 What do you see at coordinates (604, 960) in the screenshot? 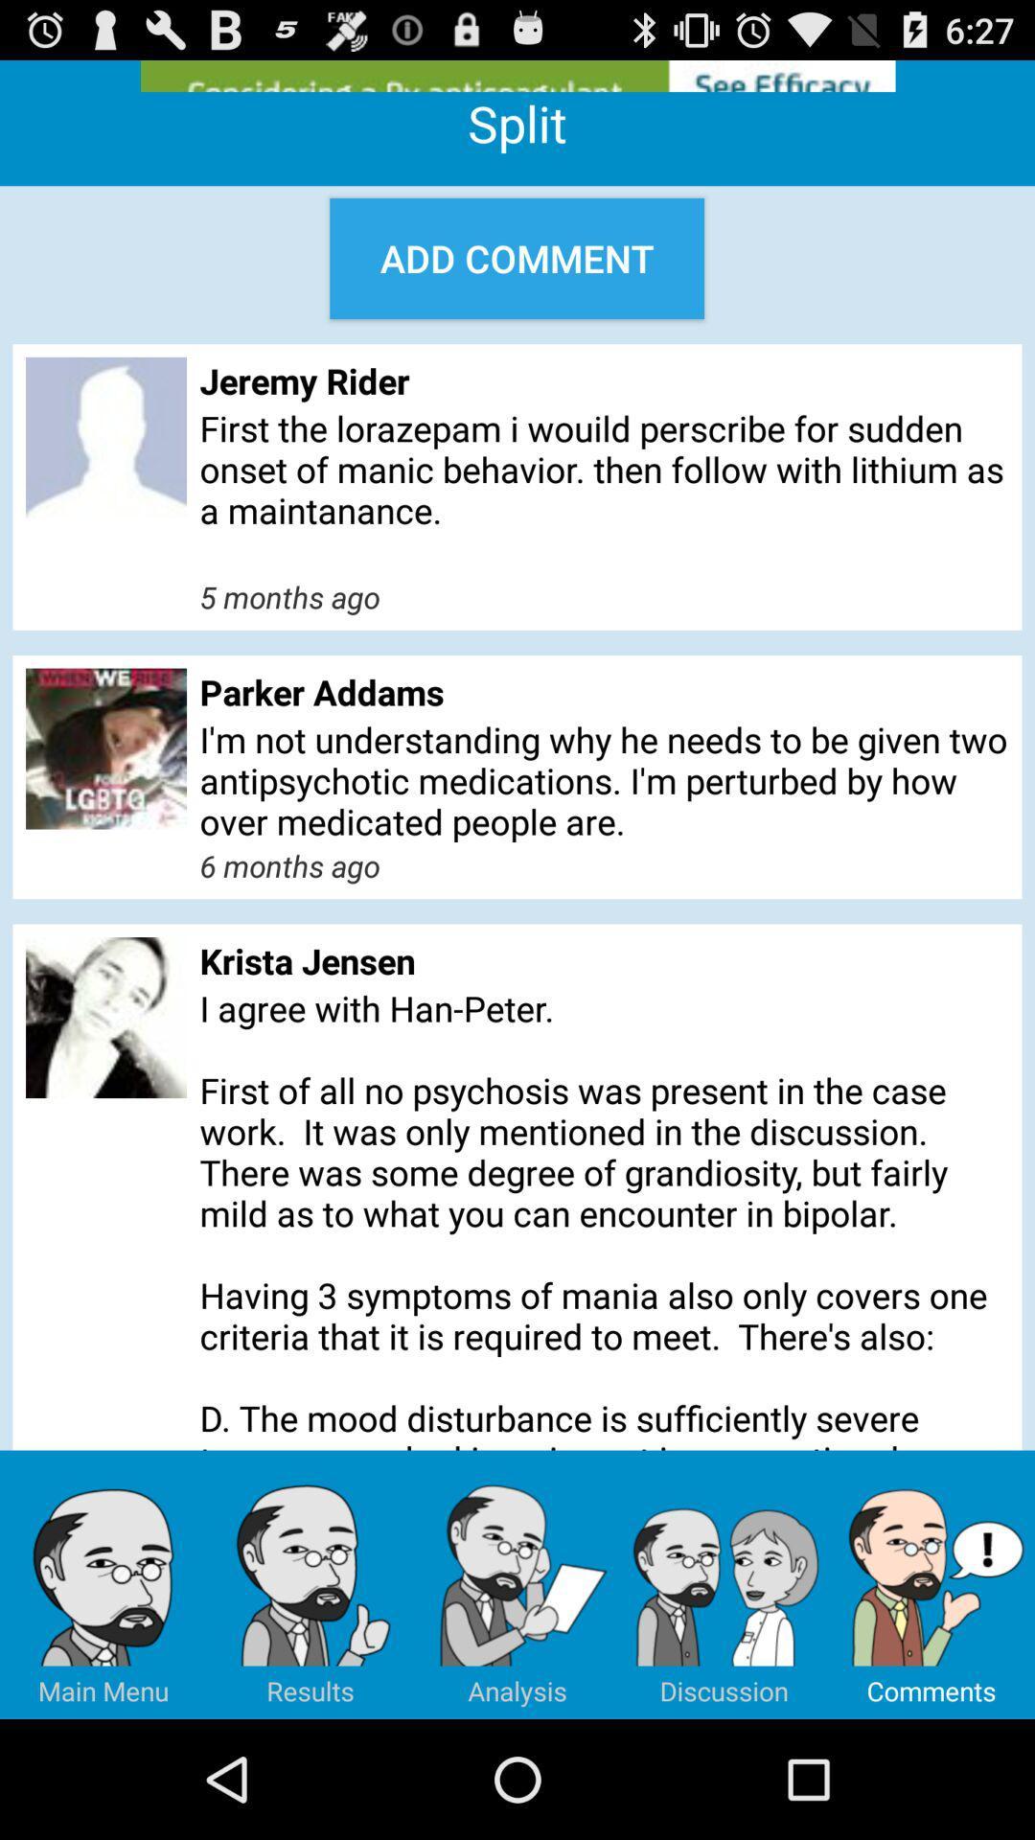
I see `item below 6 months ago item` at bounding box center [604, 960].